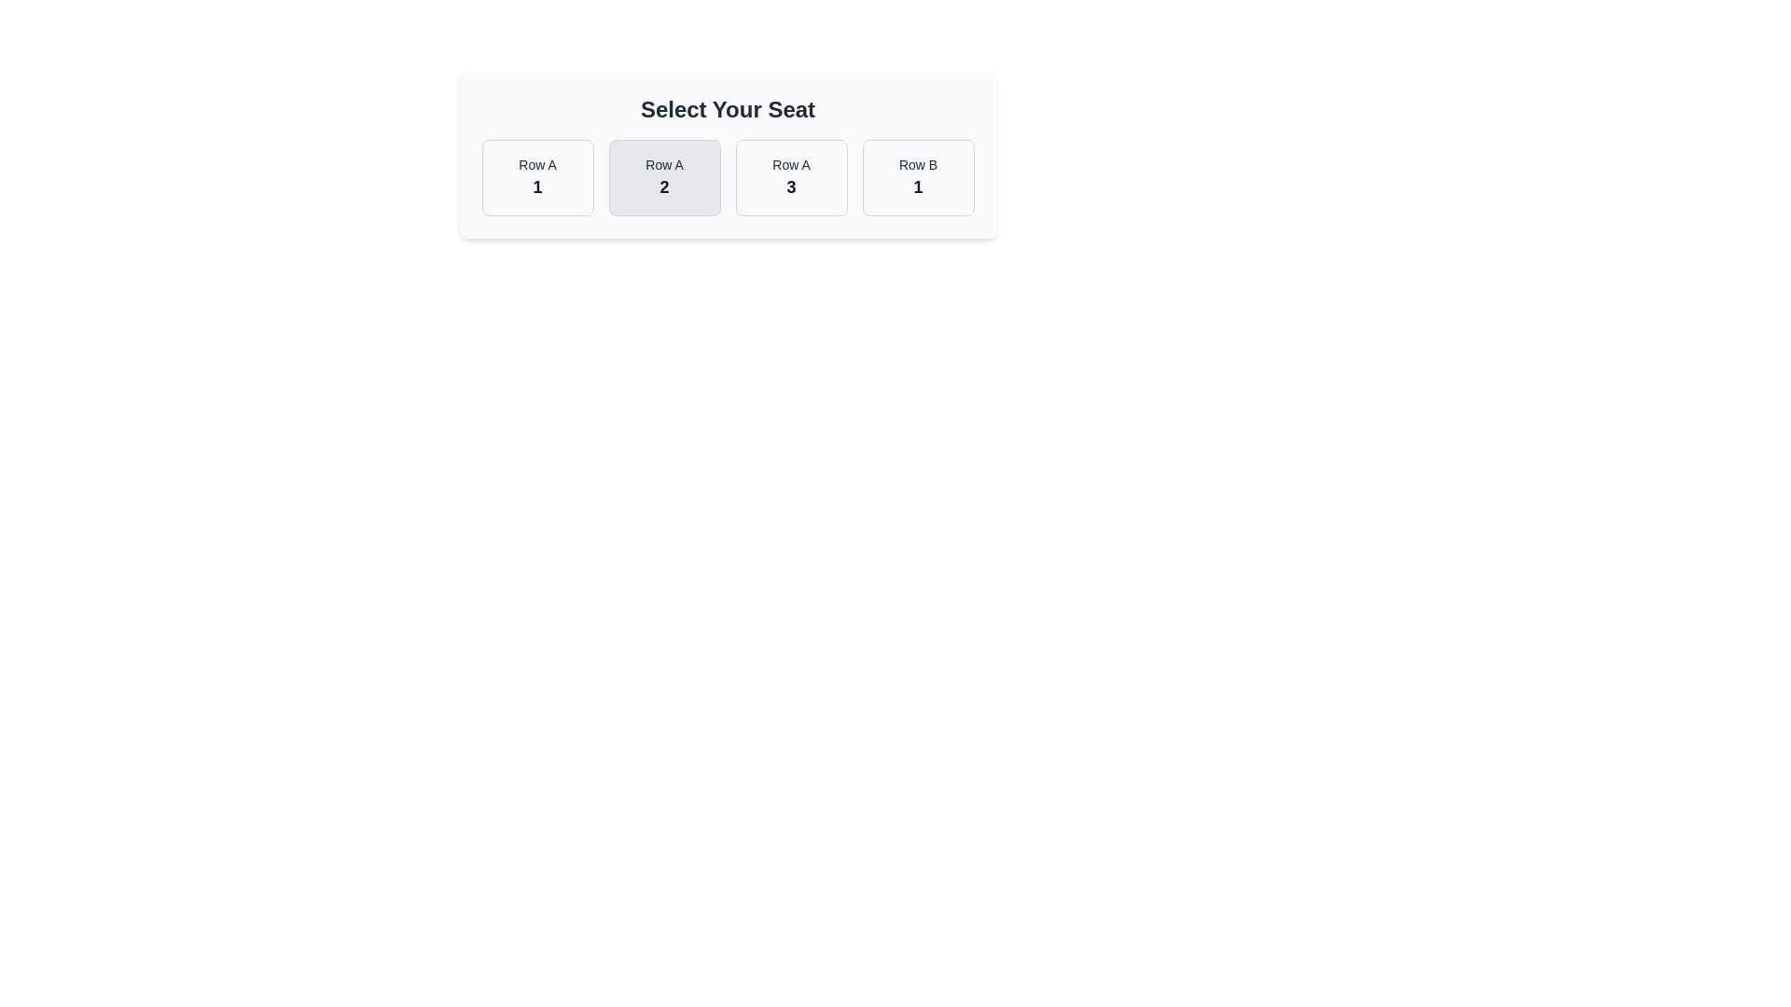 This screenshot has height=1007, width=1791. Describe the element at coordinates (791, 186) in the screenshot. I see `numeral '3' displayed in bold black font within the light gray area, located centrally in the horizontal arrangement of seat selection buttons` at that location.